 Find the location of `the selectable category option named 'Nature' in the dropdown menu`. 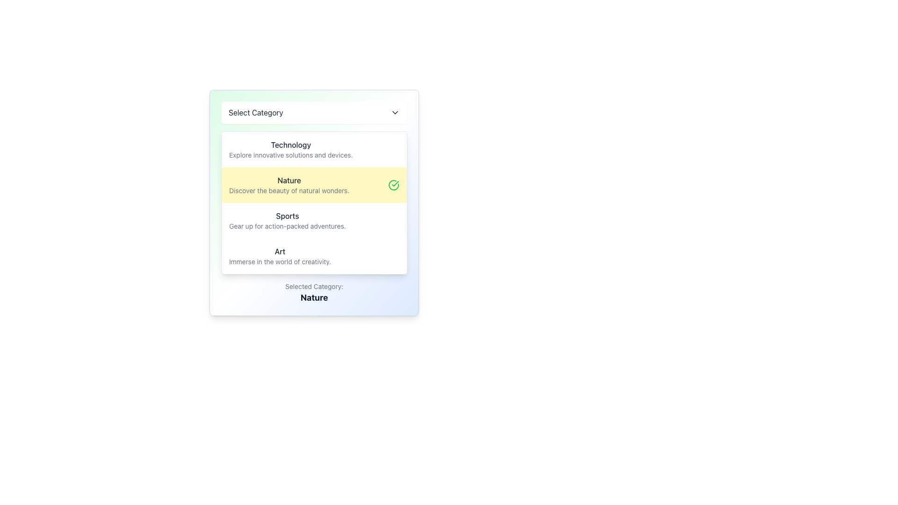

the selectable category option named 'Nature' in the dropdown menu is located at coordinates (314, 202).